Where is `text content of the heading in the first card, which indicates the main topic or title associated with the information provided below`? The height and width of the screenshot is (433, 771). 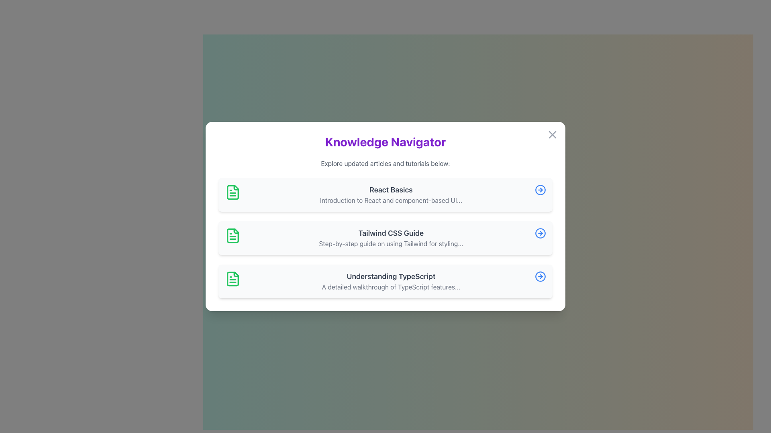
text content of the heading in the first card, which indicates the main topic or title associated with the information provided below is located at coordinates (391, 190).